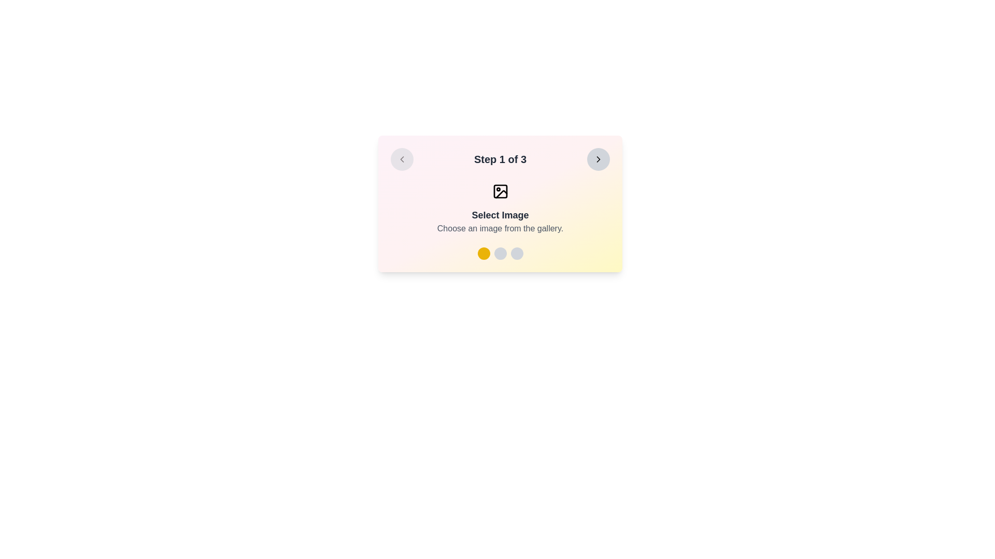 This screenshot has height=559, width=995. What do you see at coordinates (500, 253) in the screenshot?
I see `the yellow circle in the step progress bar` at bounding box center [500, 253].